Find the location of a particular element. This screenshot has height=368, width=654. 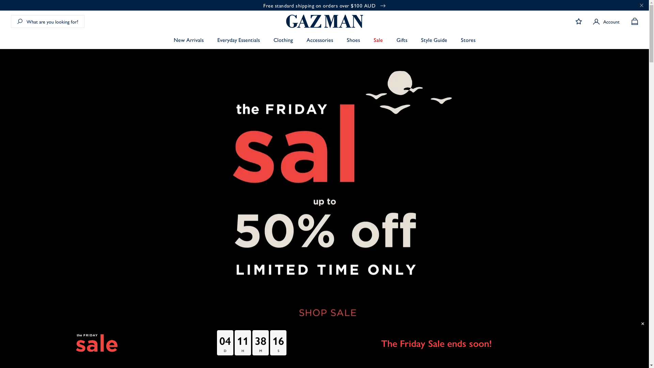

'Style Guide' is located at coordinates (421, 40).